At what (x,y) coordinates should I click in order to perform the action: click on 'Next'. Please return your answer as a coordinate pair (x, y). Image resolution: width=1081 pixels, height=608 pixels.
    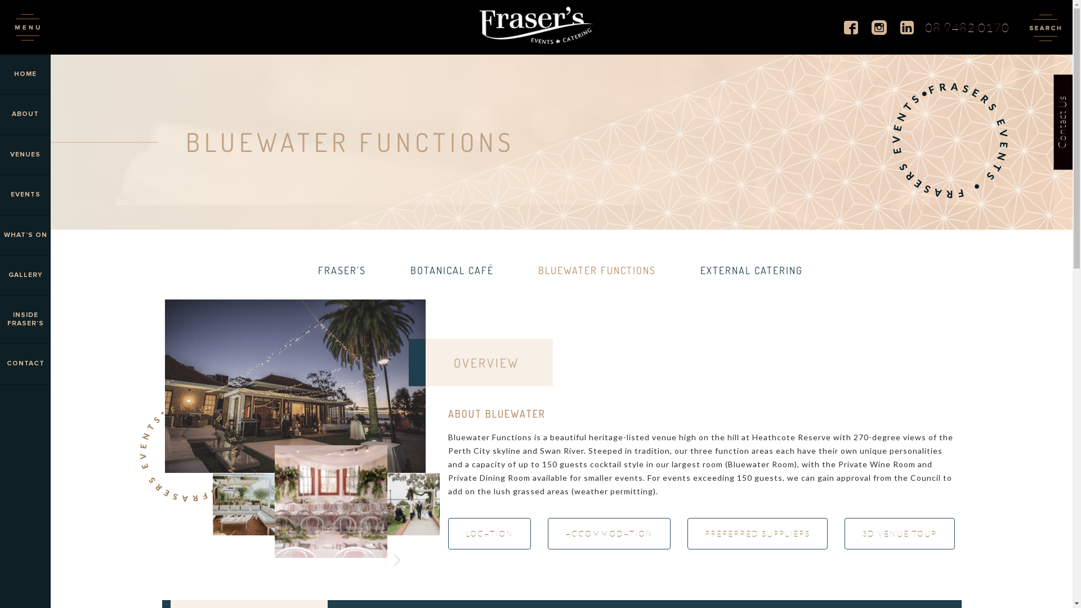
    Looking at the image, I should click on (396, 560).